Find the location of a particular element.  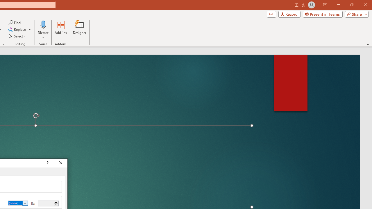

'Context help' is located at coordinates (47, 163).